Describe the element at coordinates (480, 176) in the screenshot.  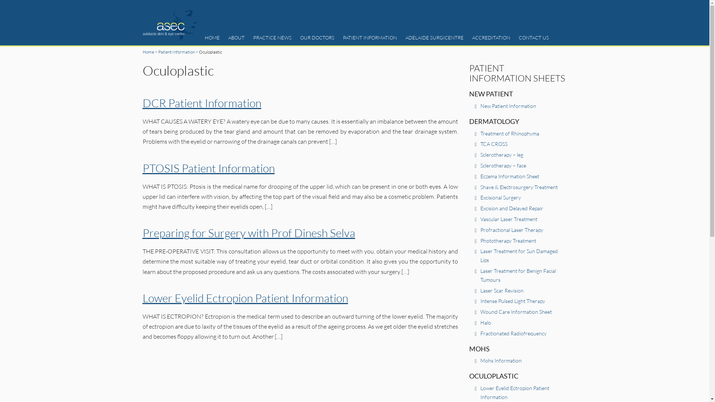
I see `'Eczema Information Sheet'` at that location.